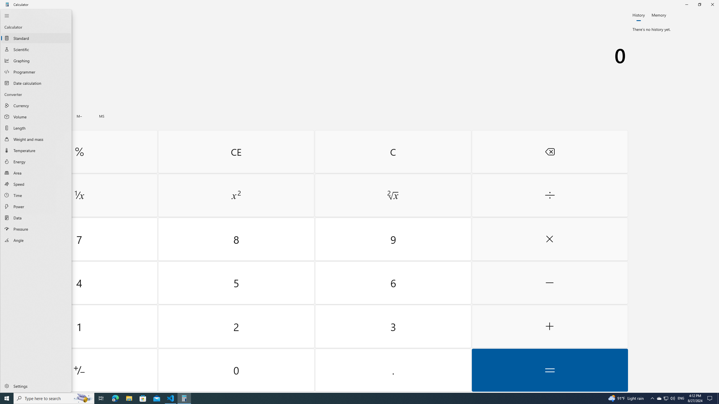 This screenshot has width=719, height=404. Describe the element at coordinates (36, 60) in the screenshot. I see `'Graphing Calculator'` at that location.